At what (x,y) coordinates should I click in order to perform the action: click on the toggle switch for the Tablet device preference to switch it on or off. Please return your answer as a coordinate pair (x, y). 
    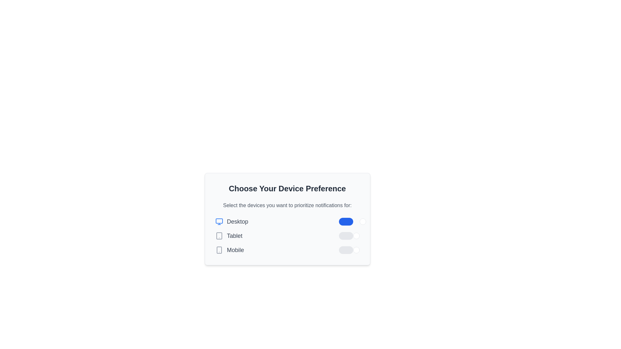
    Looking at the image, I should click on (287, 236).